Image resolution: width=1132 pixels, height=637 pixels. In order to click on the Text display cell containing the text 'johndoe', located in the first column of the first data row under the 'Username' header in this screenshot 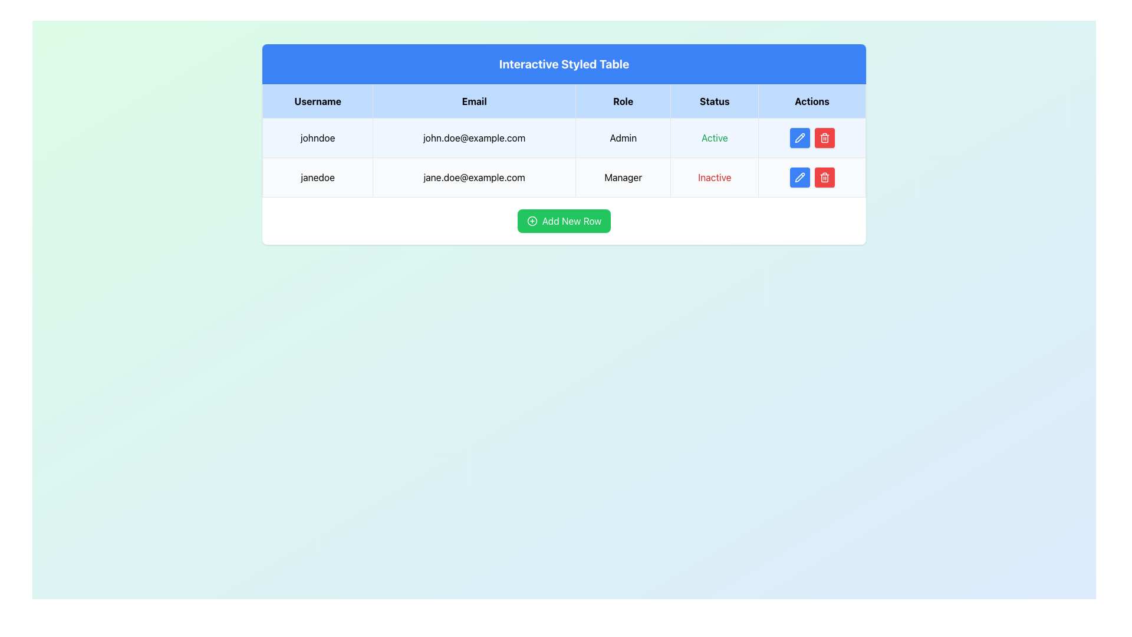, I will do `click(318, 137)`.